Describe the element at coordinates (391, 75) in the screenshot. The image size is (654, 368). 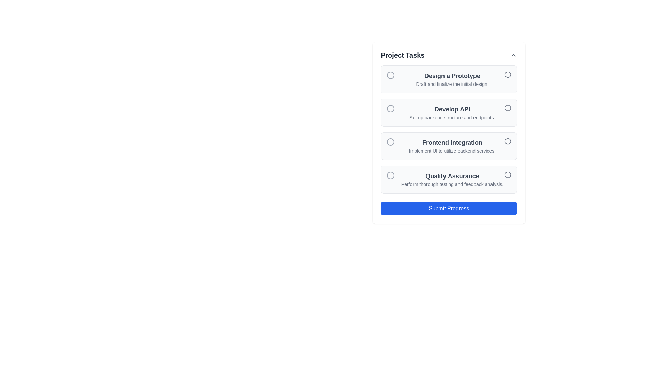
I see `the Checkbox-like circular marker located to the left of the 'Design a Prototype' text` at that location.